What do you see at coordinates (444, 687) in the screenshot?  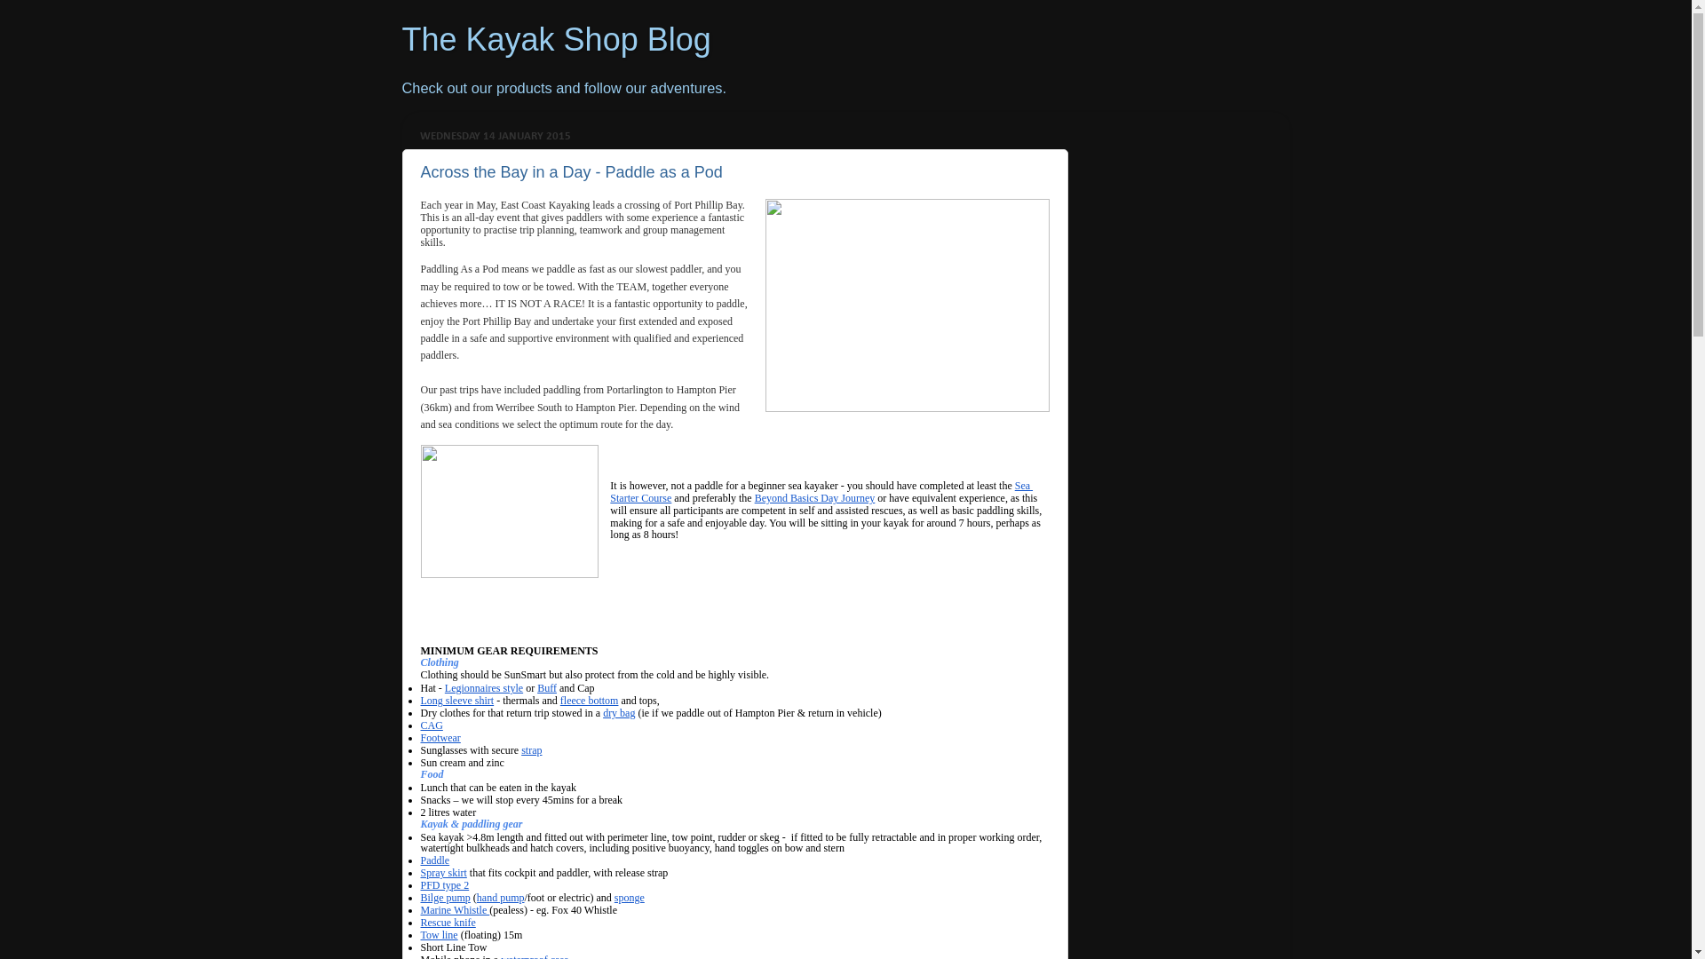 I see `'Legionnaires style'` at bounding box center [444, 687].